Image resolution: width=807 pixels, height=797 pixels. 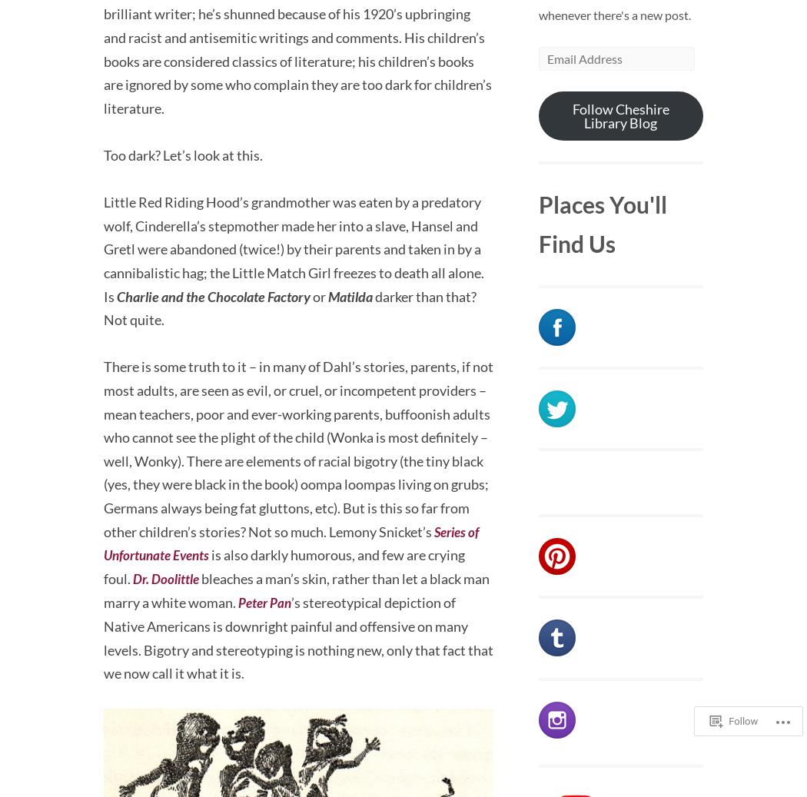 What do you see at coordinates (298, 636) in the screenshot?
I see `'’s stereotypical depiction of Native Americans is downright painful and offensive on many levels. Bigotry and stereotyping is nothing new, only that fact that we now call it what it is.'` at bounding box center [298, 636].